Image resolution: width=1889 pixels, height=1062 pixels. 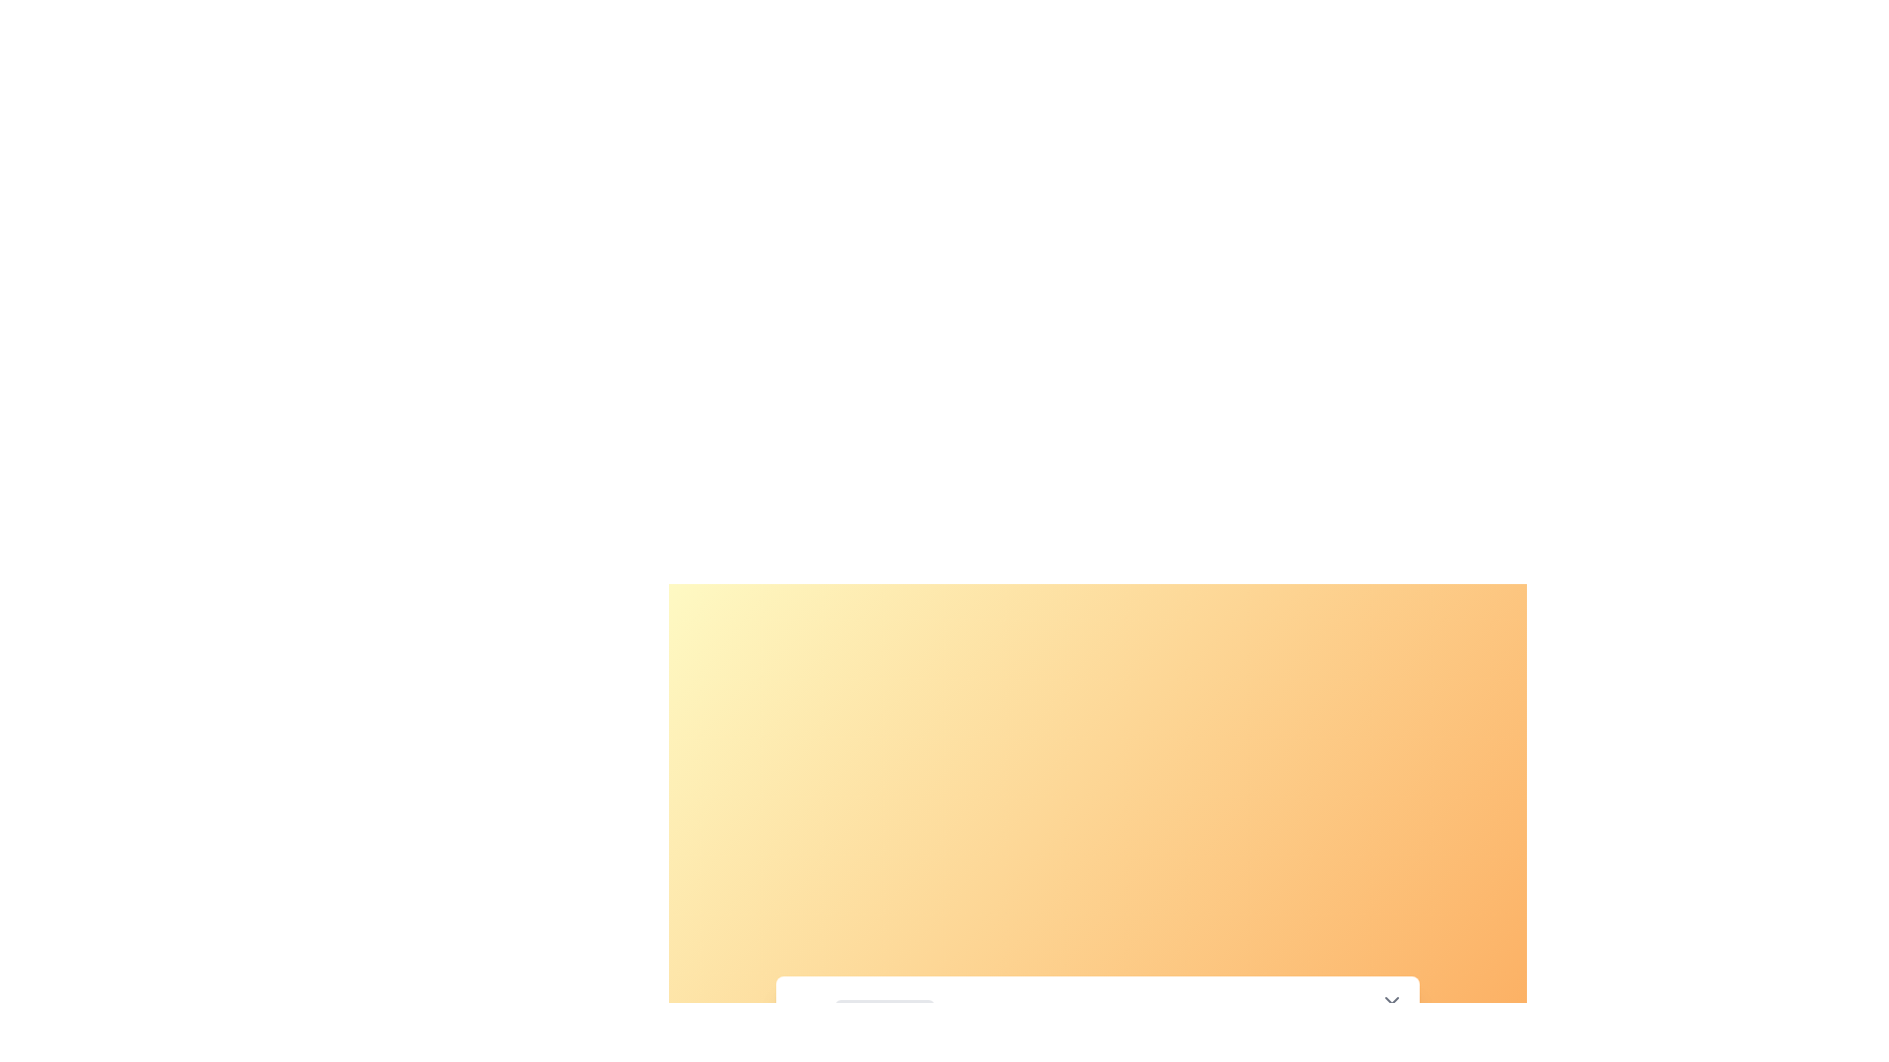 What do you see at coordinates (884, 1016) in the screenshot?
I see `the filter option All from the dropdown` at bounding box center [884, 1016].